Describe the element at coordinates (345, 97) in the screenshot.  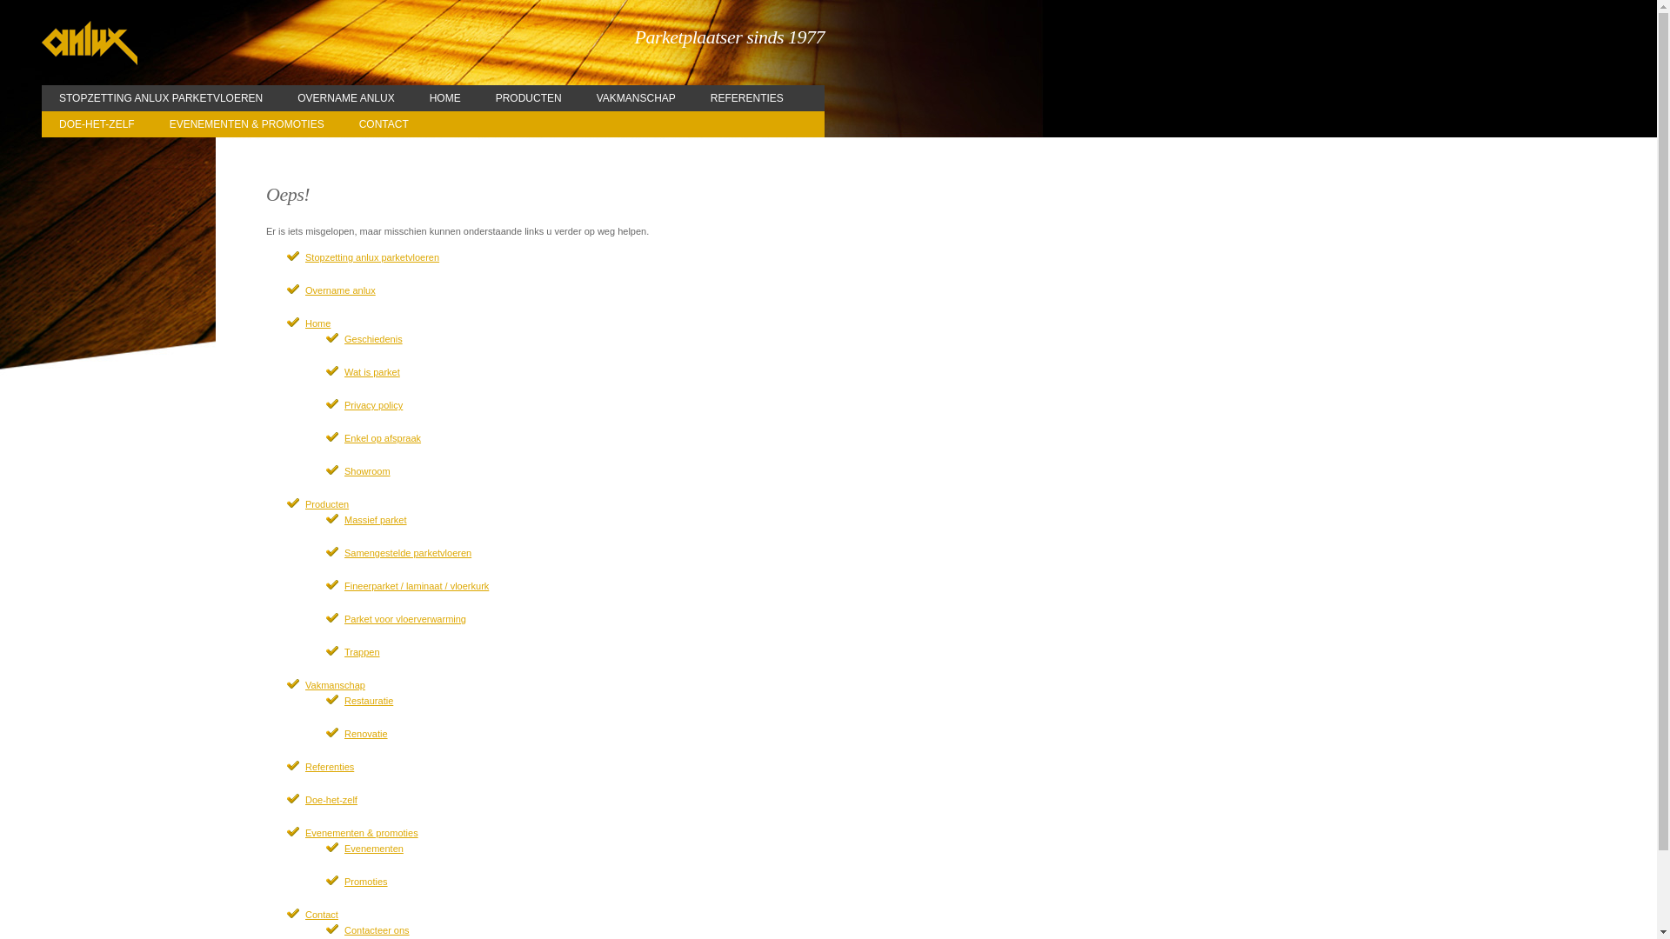
I see `'OVERNAME ANLUX'` at that location.